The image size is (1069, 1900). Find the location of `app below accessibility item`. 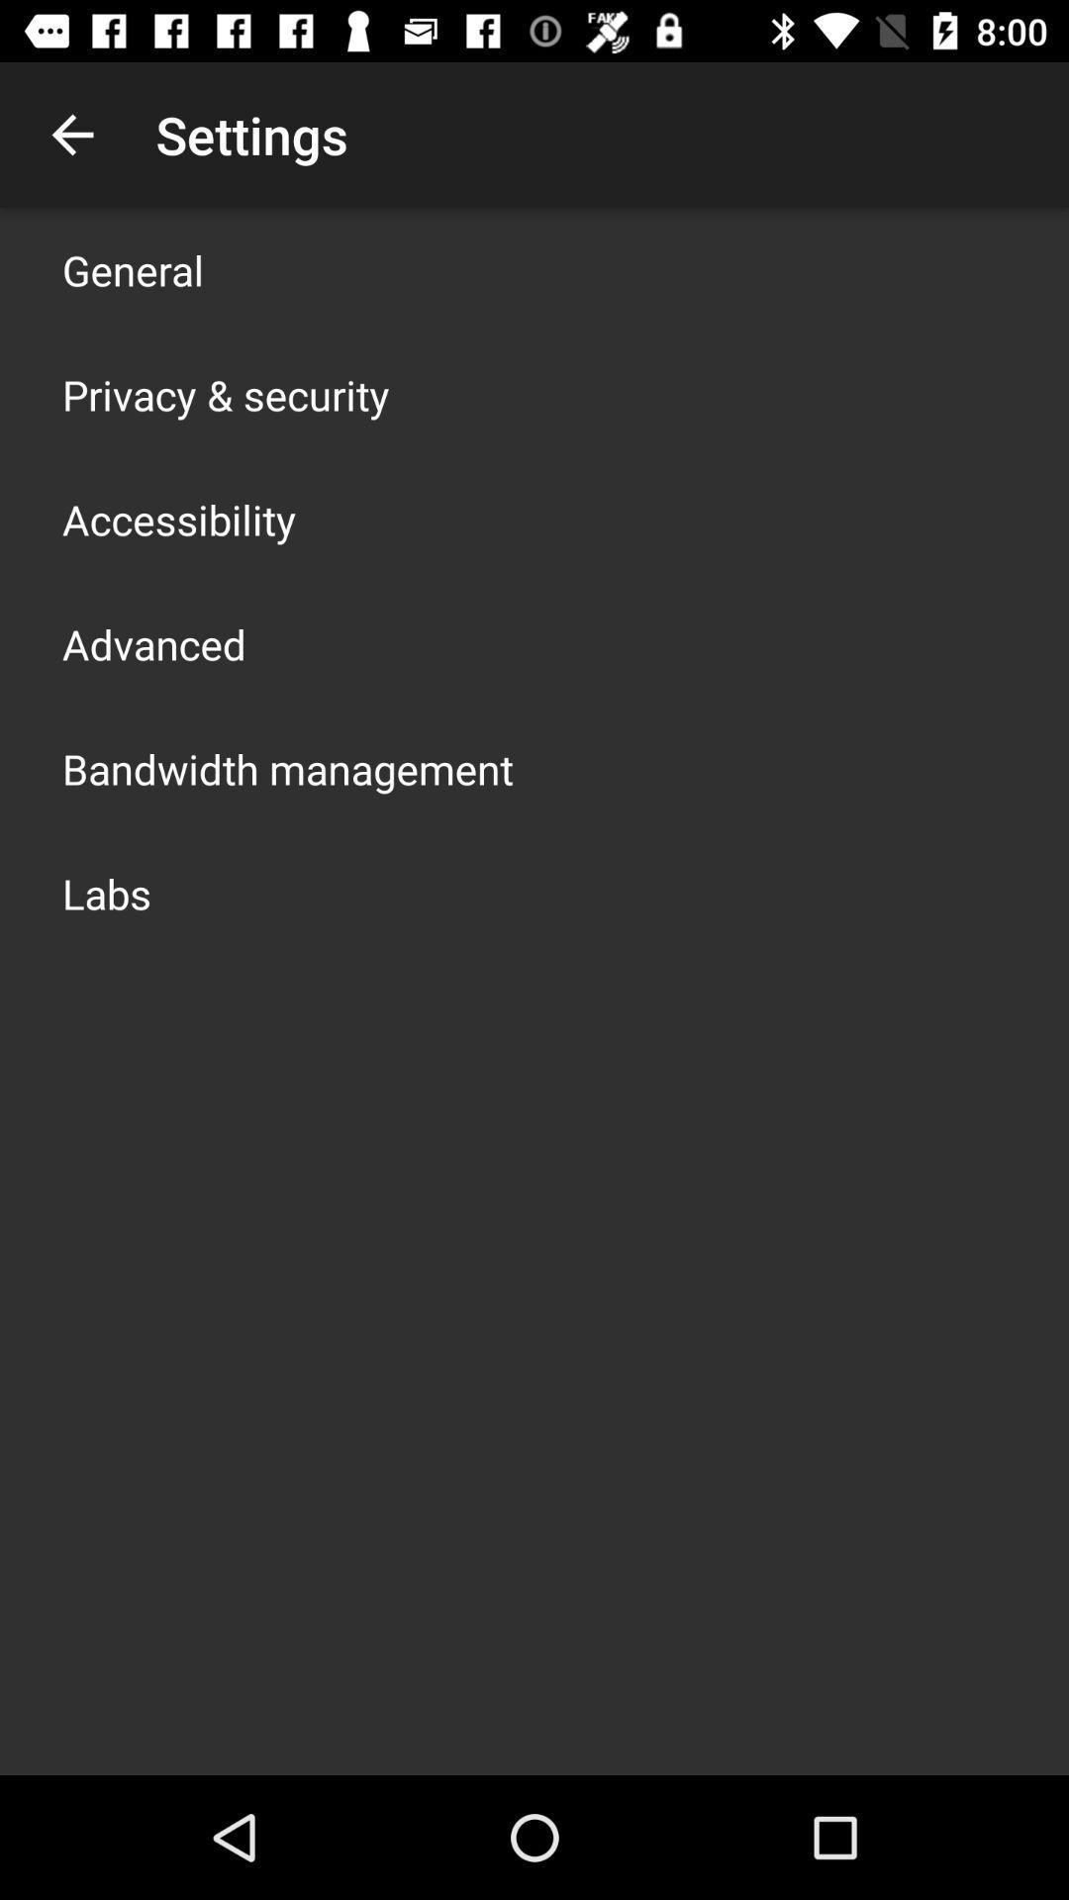

app below accessibility item is located at coordinates (152, 644).